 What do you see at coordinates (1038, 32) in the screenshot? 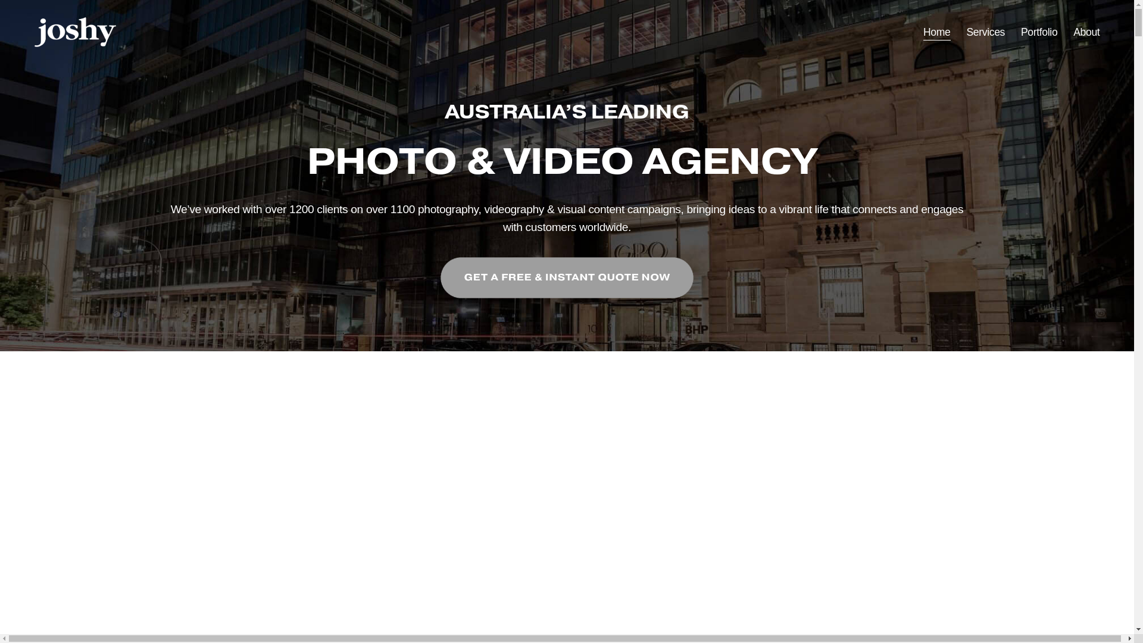
I see `'Portfolio'` at bounding box center [1038, 32].